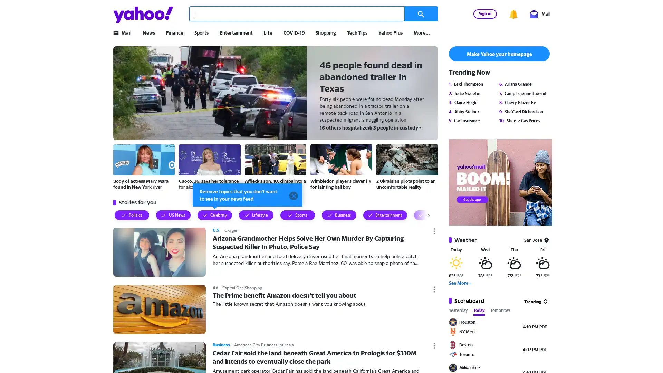 The width and height of the screenshot is (663, 373). Describe the element at coordinates (479, 311) in the screenshot. I see `Today` at that location.